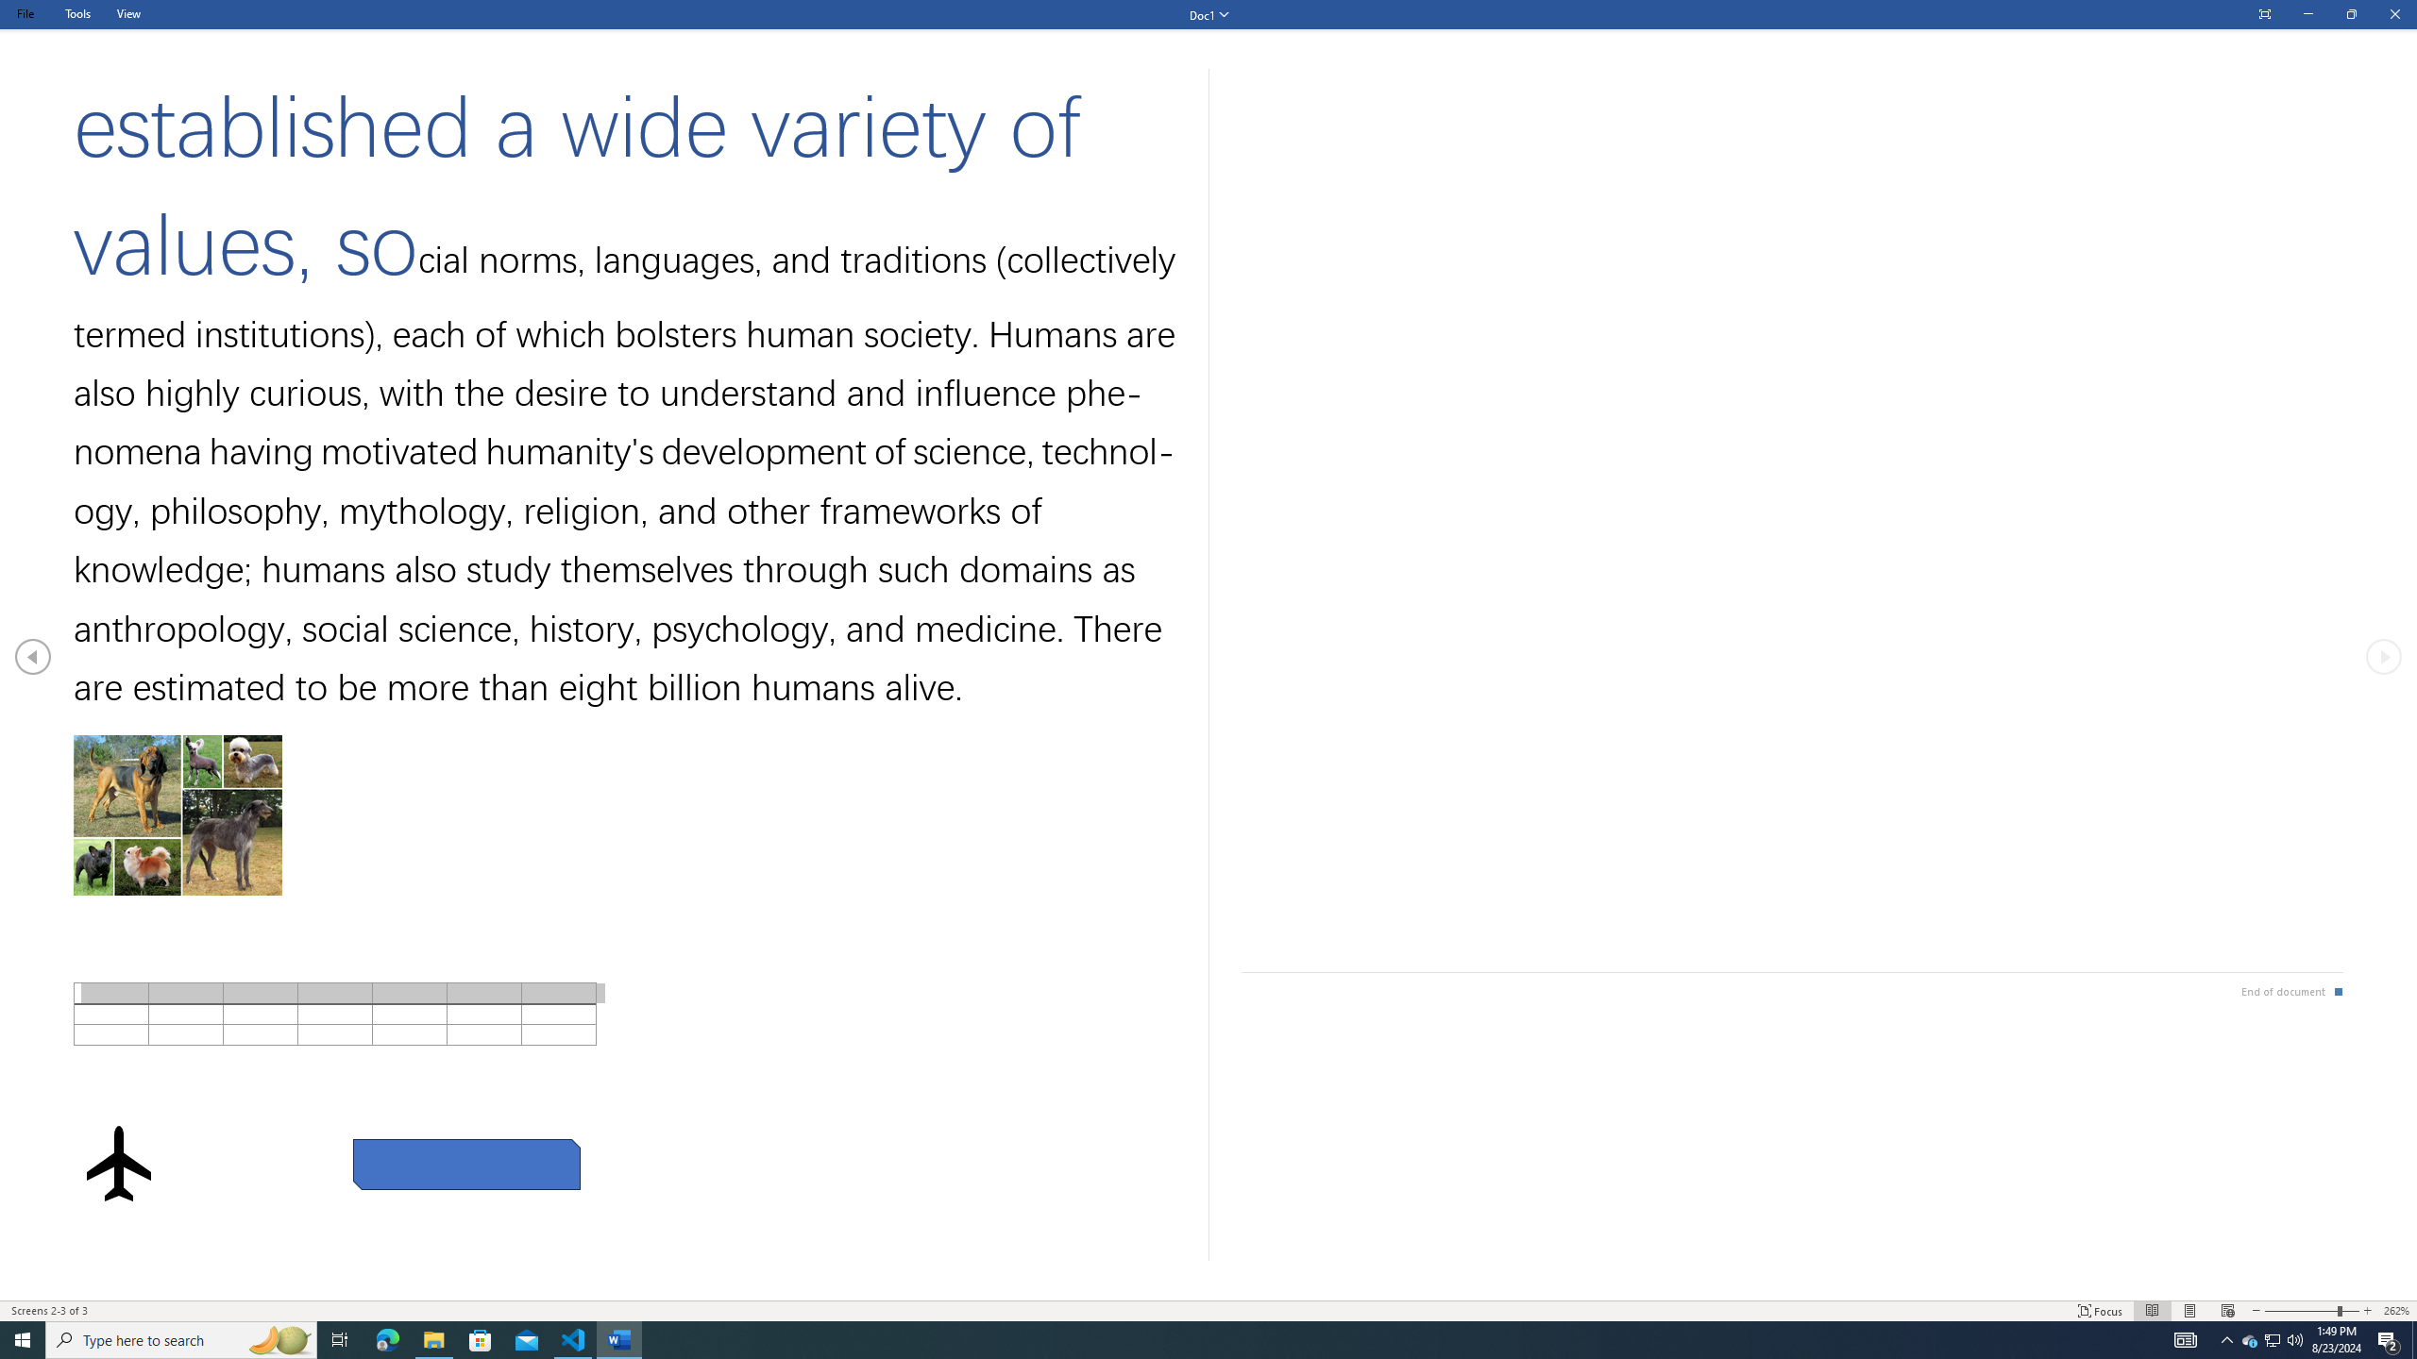 This screenshot has width=2417, height=1359. What do you see at coordinates (76, 13) in the screenshot?
I see `'Tools'` at bounding box center [76, 13].